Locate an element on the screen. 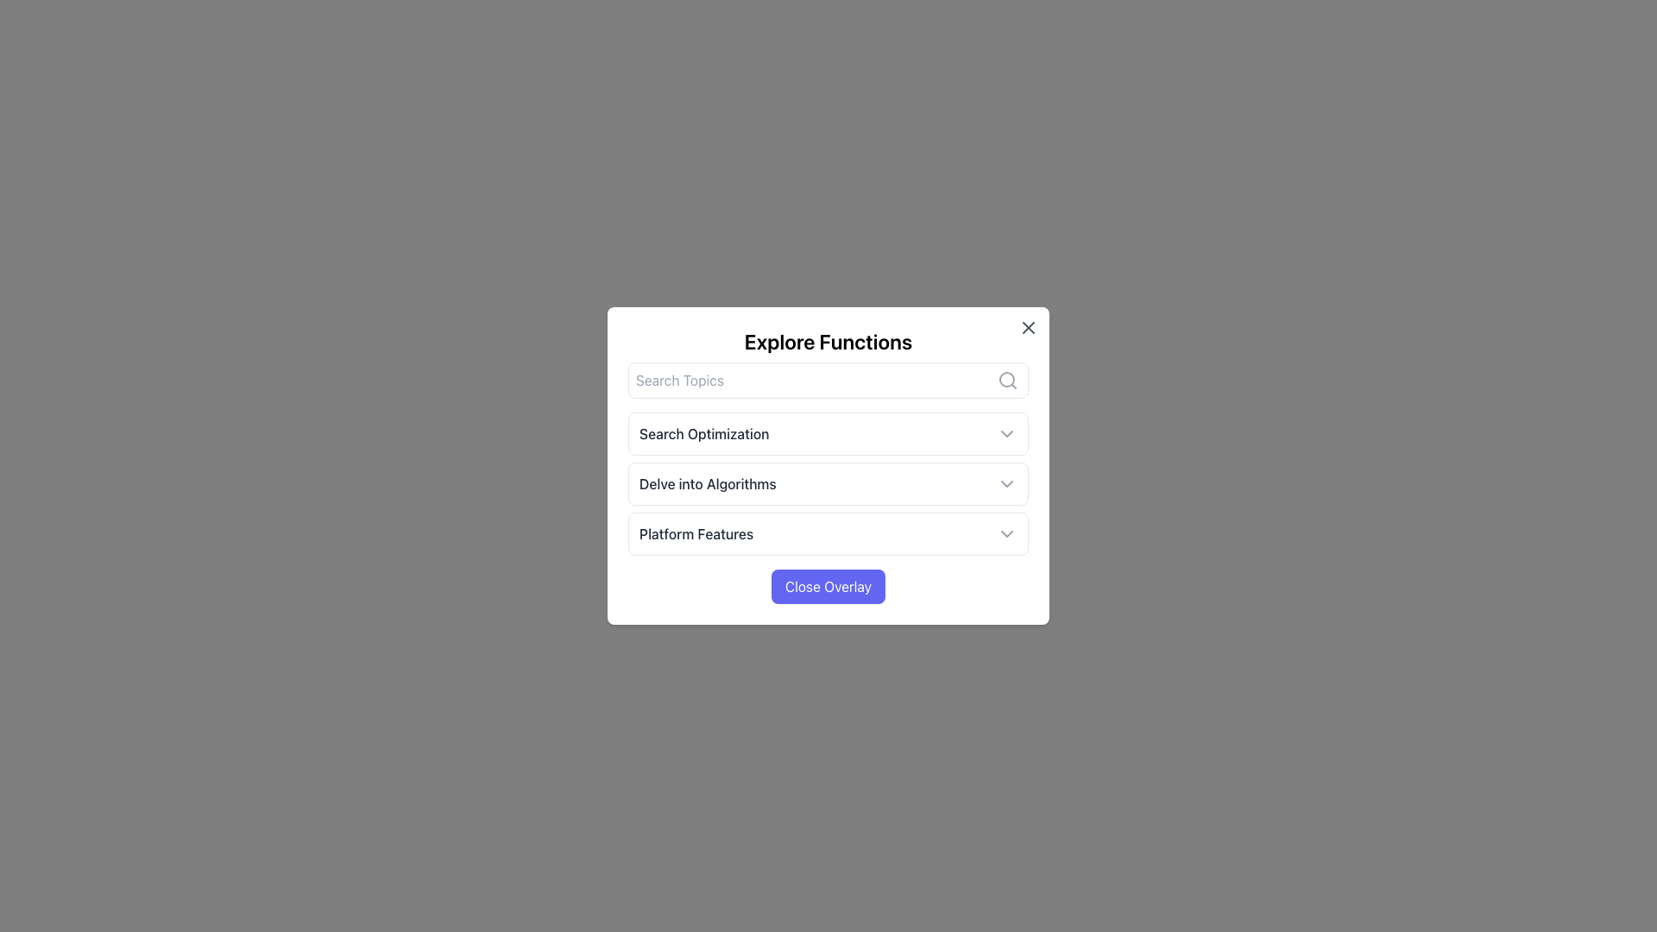 Image resolution: width=1657 pixels, height=932 pixels. the Collapsible item labeled 'Delve into Algorithms' located in the second row of the modal dialog box is located at coordinates (828, 483).